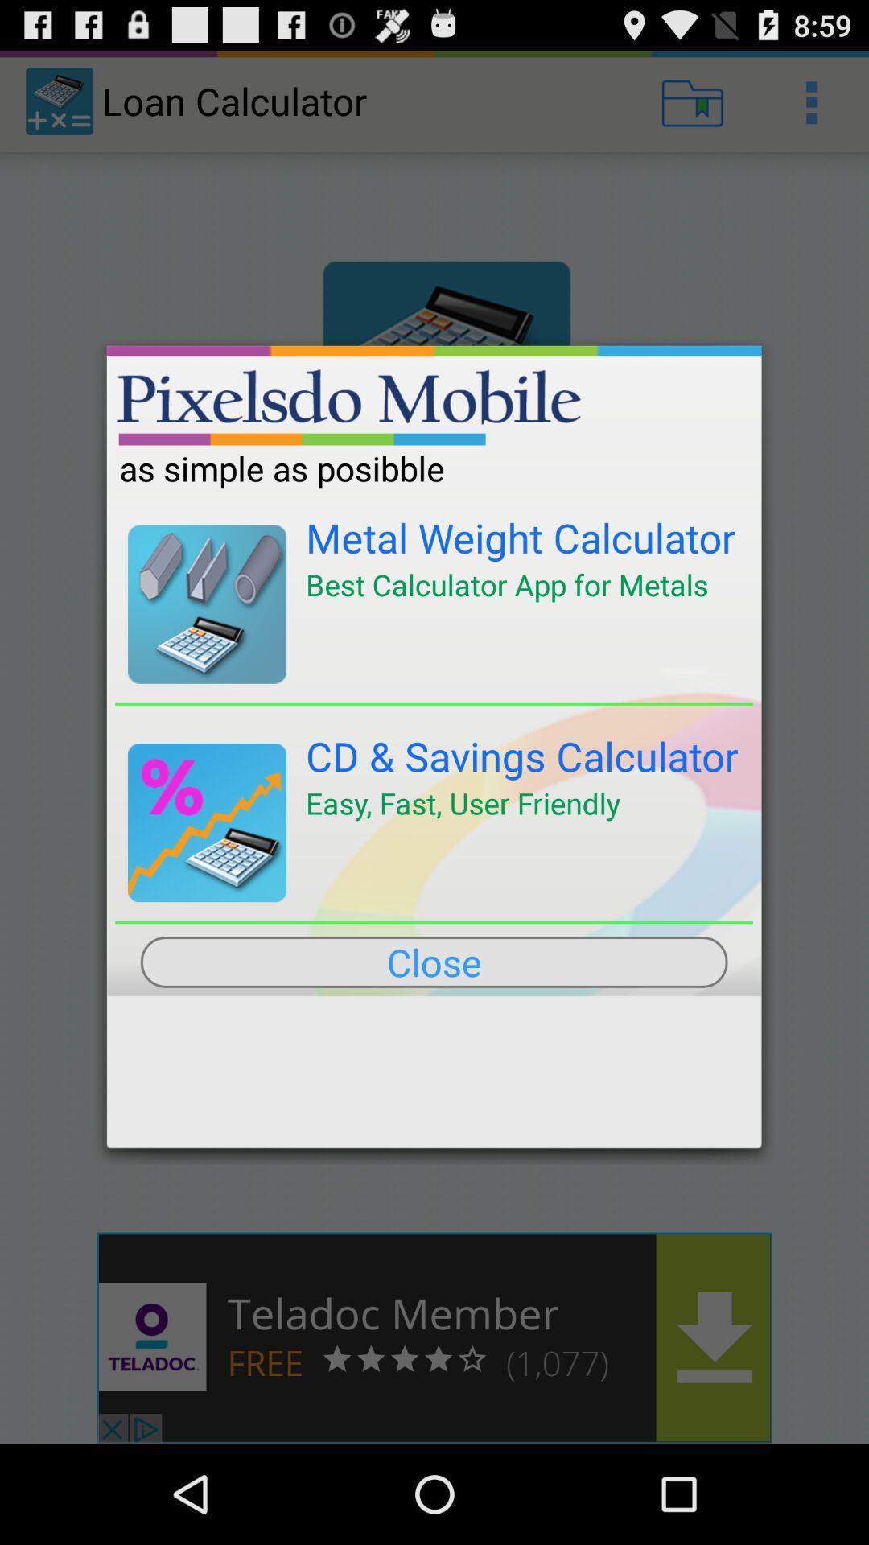 The height and width of the screenshot is (1545, 869). Describe the element at coordinates (522, 755) in the screenshot. I see `cd & savings calculator app` at that location.